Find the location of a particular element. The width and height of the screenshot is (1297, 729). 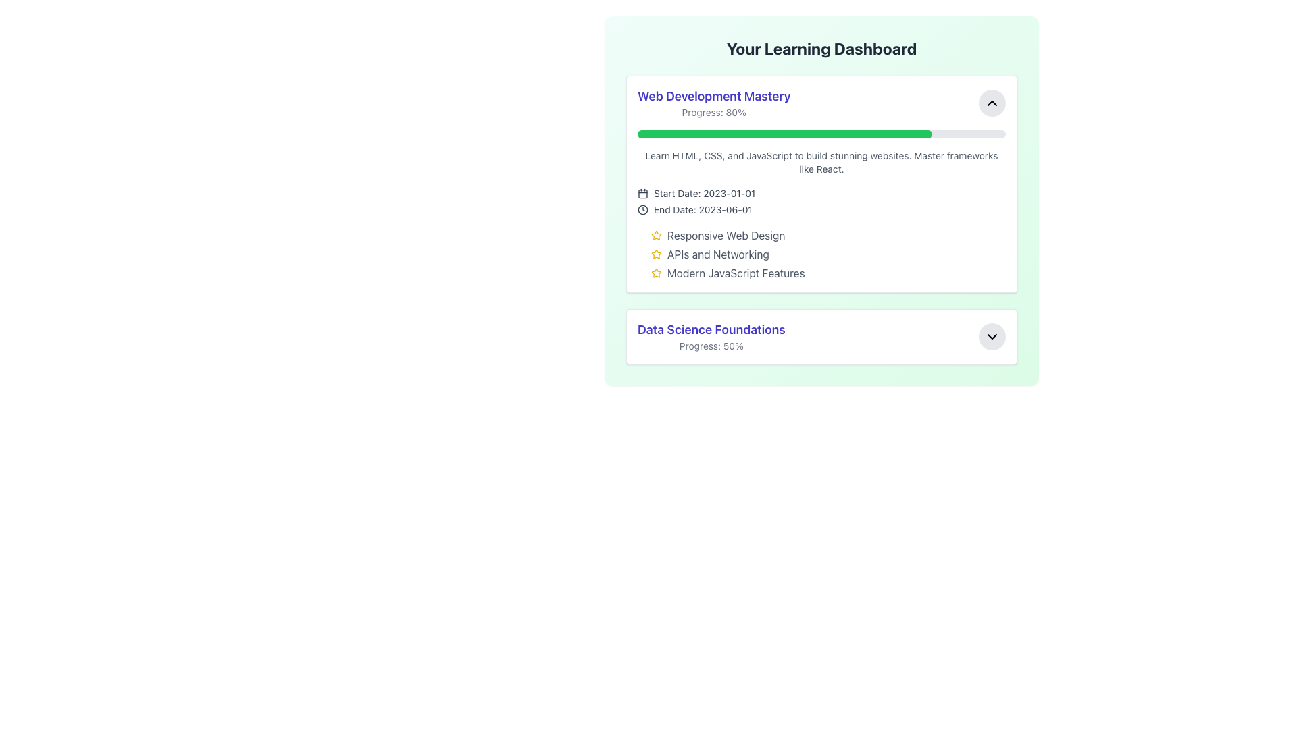

the Text Label displaying 'Start Date: 2023-01-01' located in the 'Web Development Mastery' card, positioned near the top center of the card is located at coordinates (704, 193).